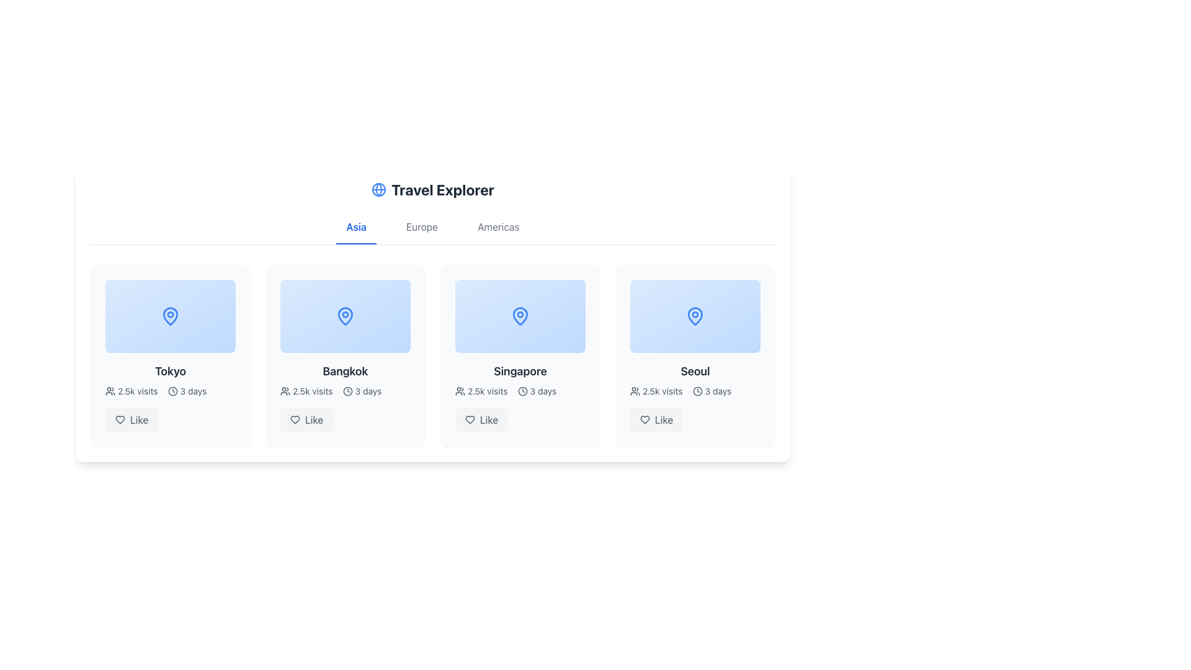 The width and height of the screenshot is (1191, 670). I want to click on the text element displaying '2.5k visits' and '3 days' with associated icons, positioned in the center of the Bangkok card, so click(345, 391).